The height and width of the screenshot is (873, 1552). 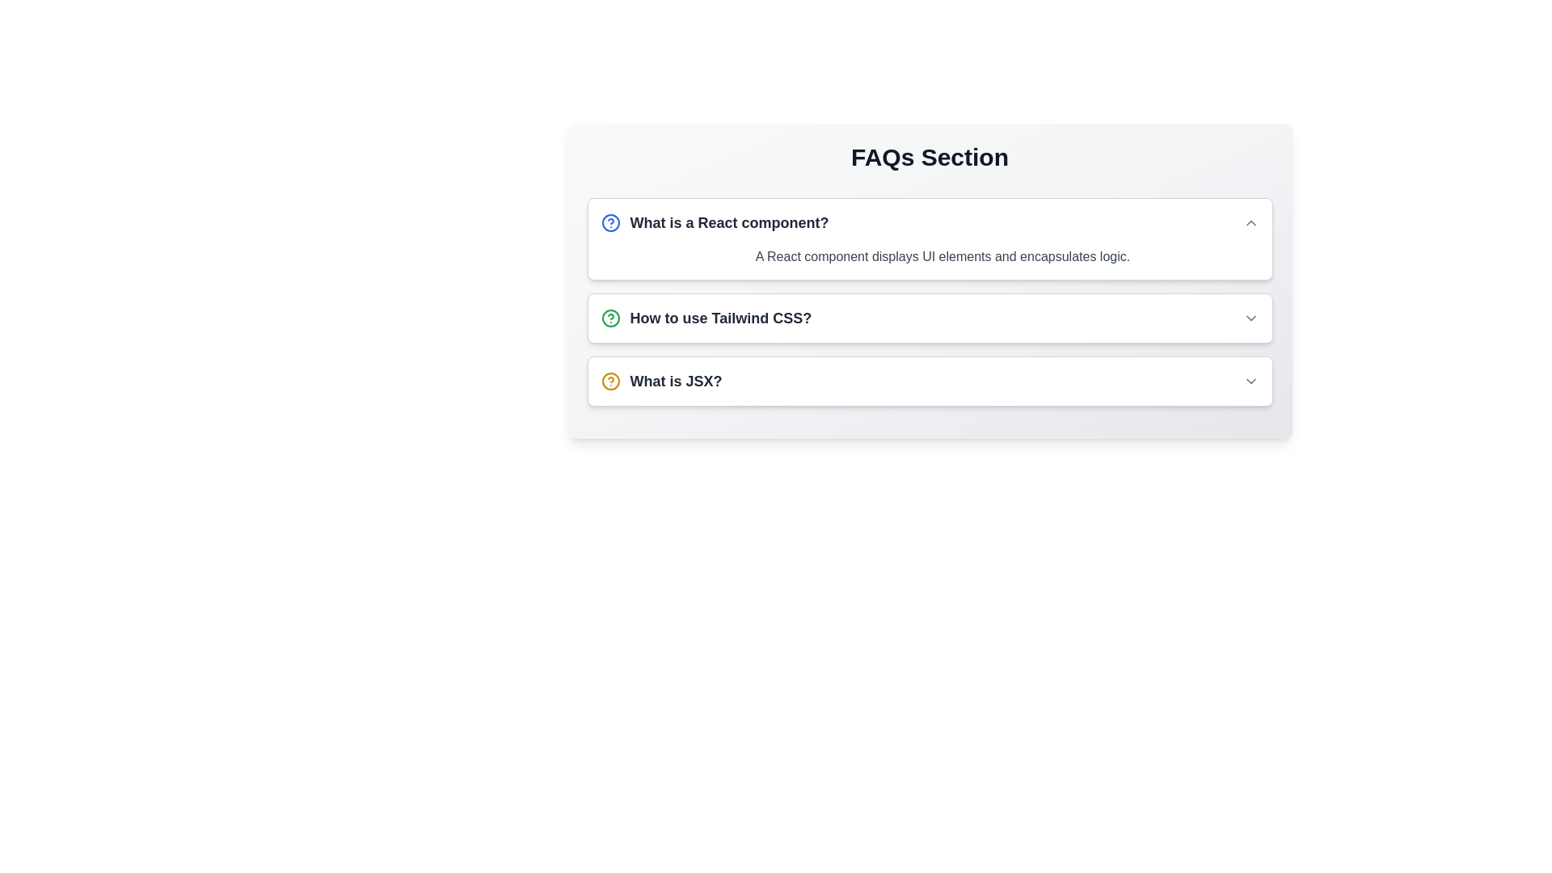 I want to click on 'Help' icon represented by a circle, located adjacent to the text 'What is a React component?' in the FAQ section, so click(x=609, y=223).